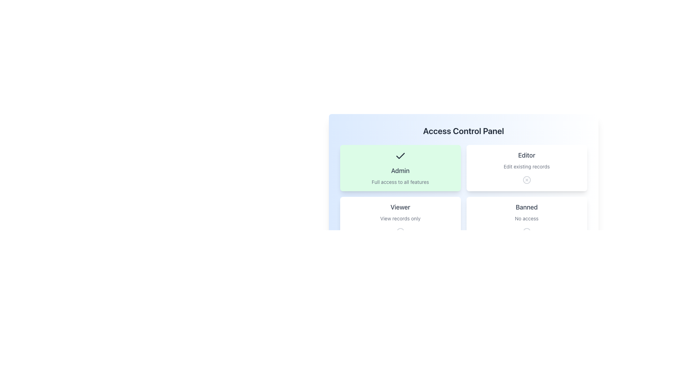  I want to click on text displayed in the 'Admin' role title label within the access control panel, which is centrally aligned in its card, so click(400, 171).